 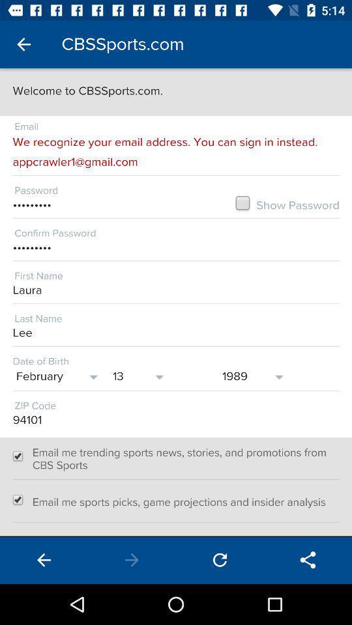 I want to click on the arrow_forward icon, so click(x=132, y=559).